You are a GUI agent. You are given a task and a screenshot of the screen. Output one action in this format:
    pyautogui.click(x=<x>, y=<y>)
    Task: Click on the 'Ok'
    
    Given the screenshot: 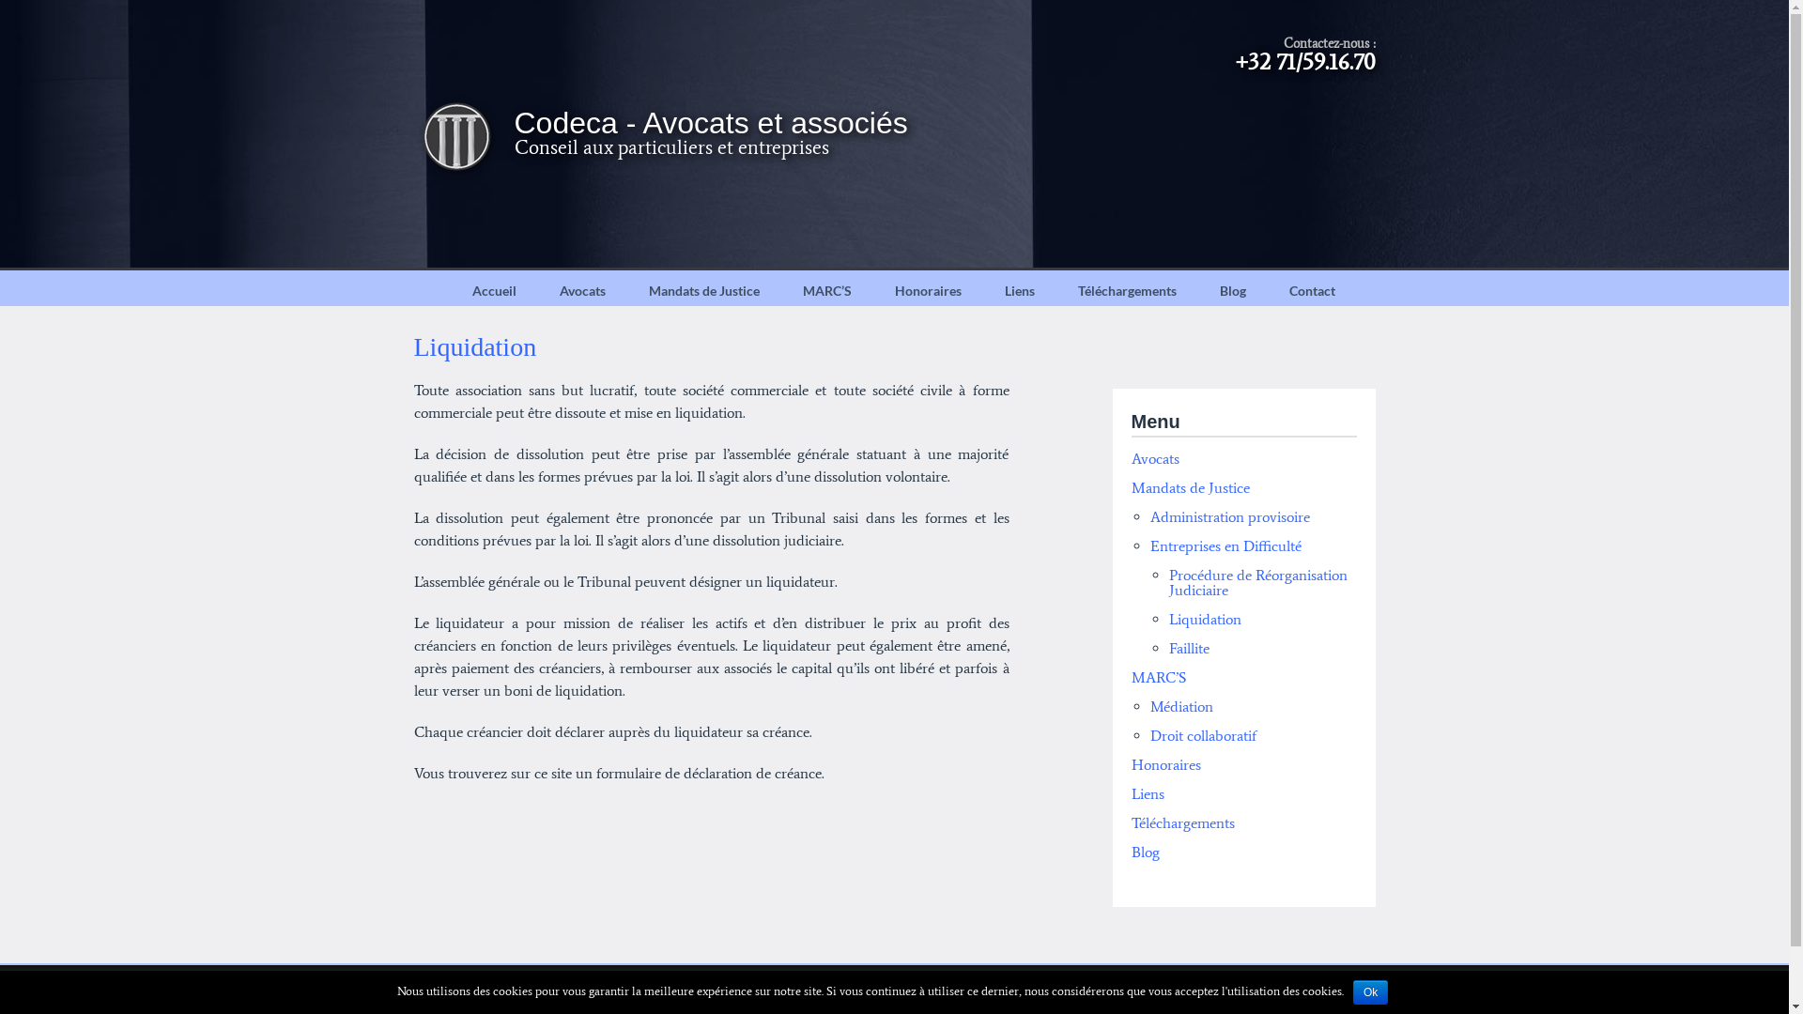 What is the action you would take?
    pyautogui.click(x=1370, y=991)
    